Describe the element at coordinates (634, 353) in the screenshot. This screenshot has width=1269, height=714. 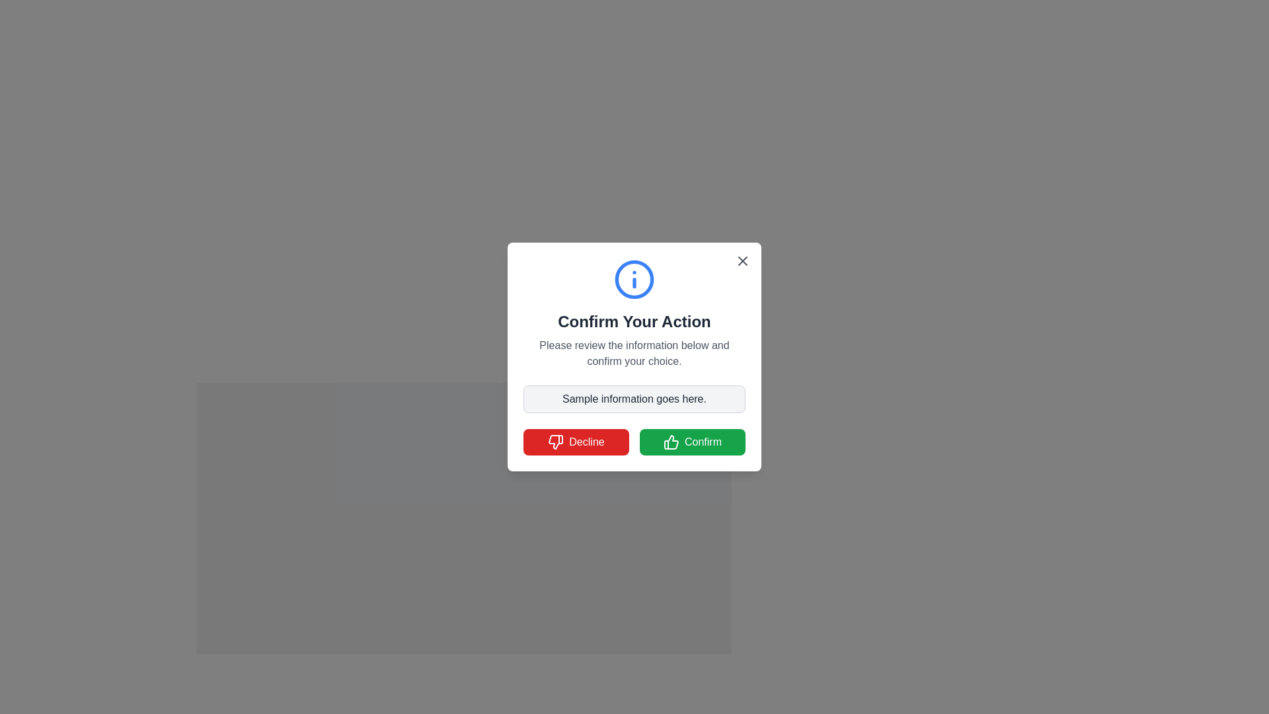
I see `instructional text label located beneath the title 'Confirm Your Action' and above the informational text box, centered horizontally within the popup box` at that location.